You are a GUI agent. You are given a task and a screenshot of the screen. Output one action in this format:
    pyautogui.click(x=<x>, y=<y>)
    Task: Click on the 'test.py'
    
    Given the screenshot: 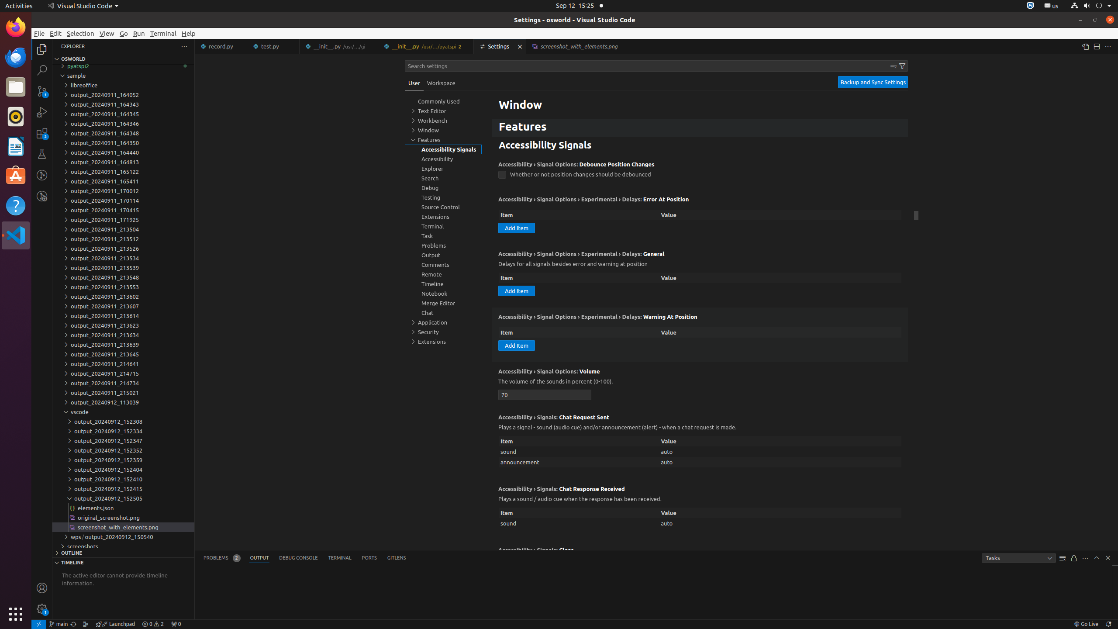 What is the action you would take?
    pyautogui.click(x=273, y=46)
    